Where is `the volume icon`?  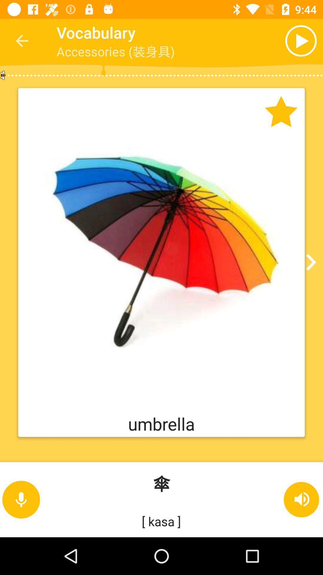 the volume icon is located at coordinates (302, 500).